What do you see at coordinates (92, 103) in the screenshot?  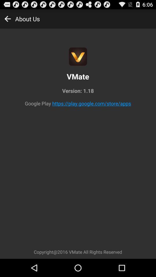 I see `the app below version: 1.18 icon` at bounding box center [92, 103].